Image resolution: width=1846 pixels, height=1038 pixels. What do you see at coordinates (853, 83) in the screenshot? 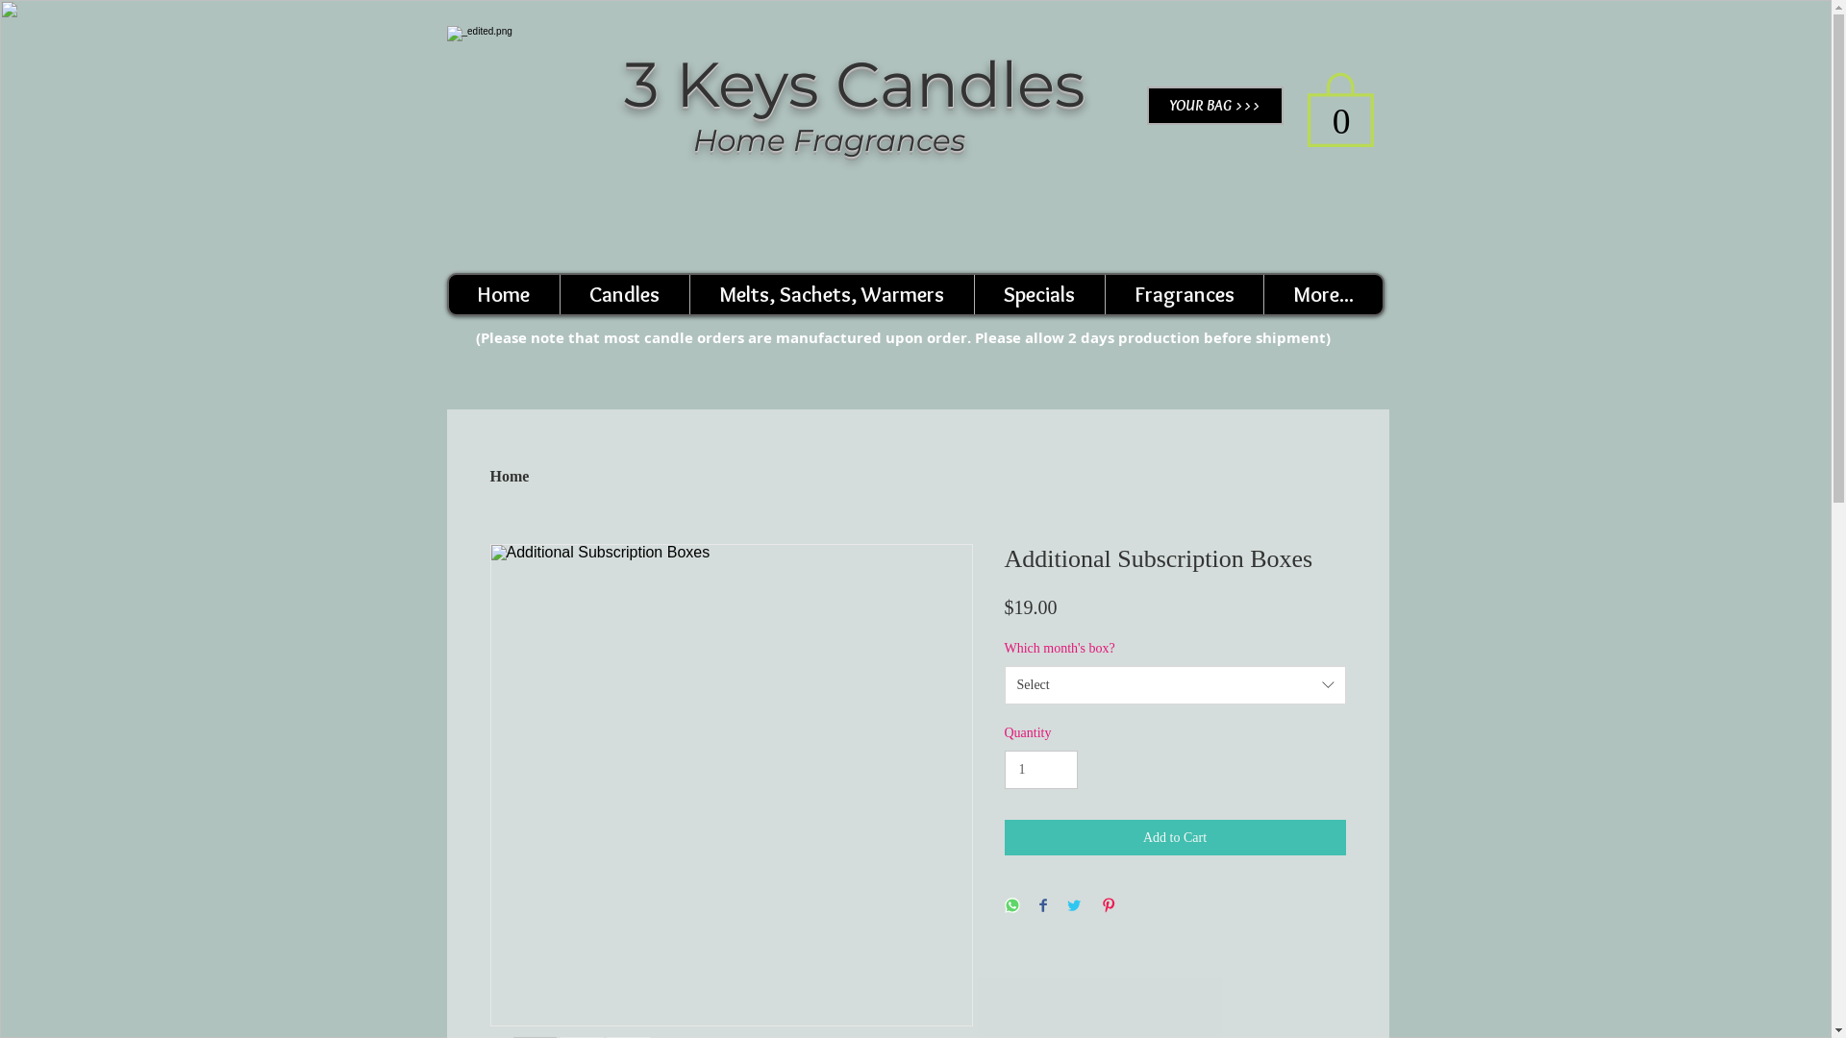
I see `'3 Keys Candles'` at bounding box center [853, 83].